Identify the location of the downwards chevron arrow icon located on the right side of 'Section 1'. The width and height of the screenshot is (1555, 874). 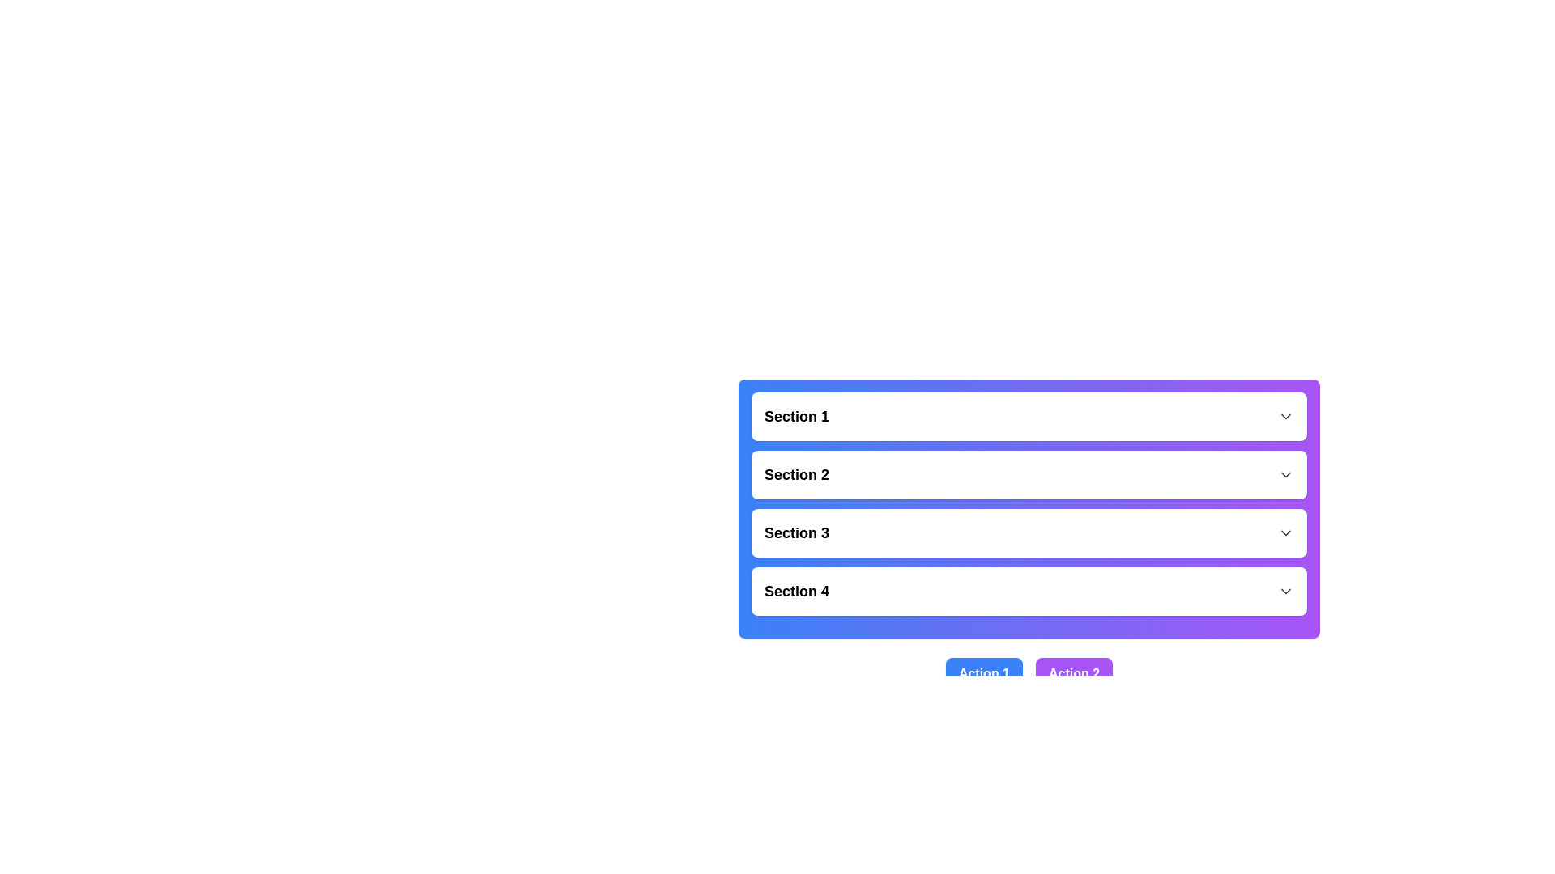
(1285, 416).